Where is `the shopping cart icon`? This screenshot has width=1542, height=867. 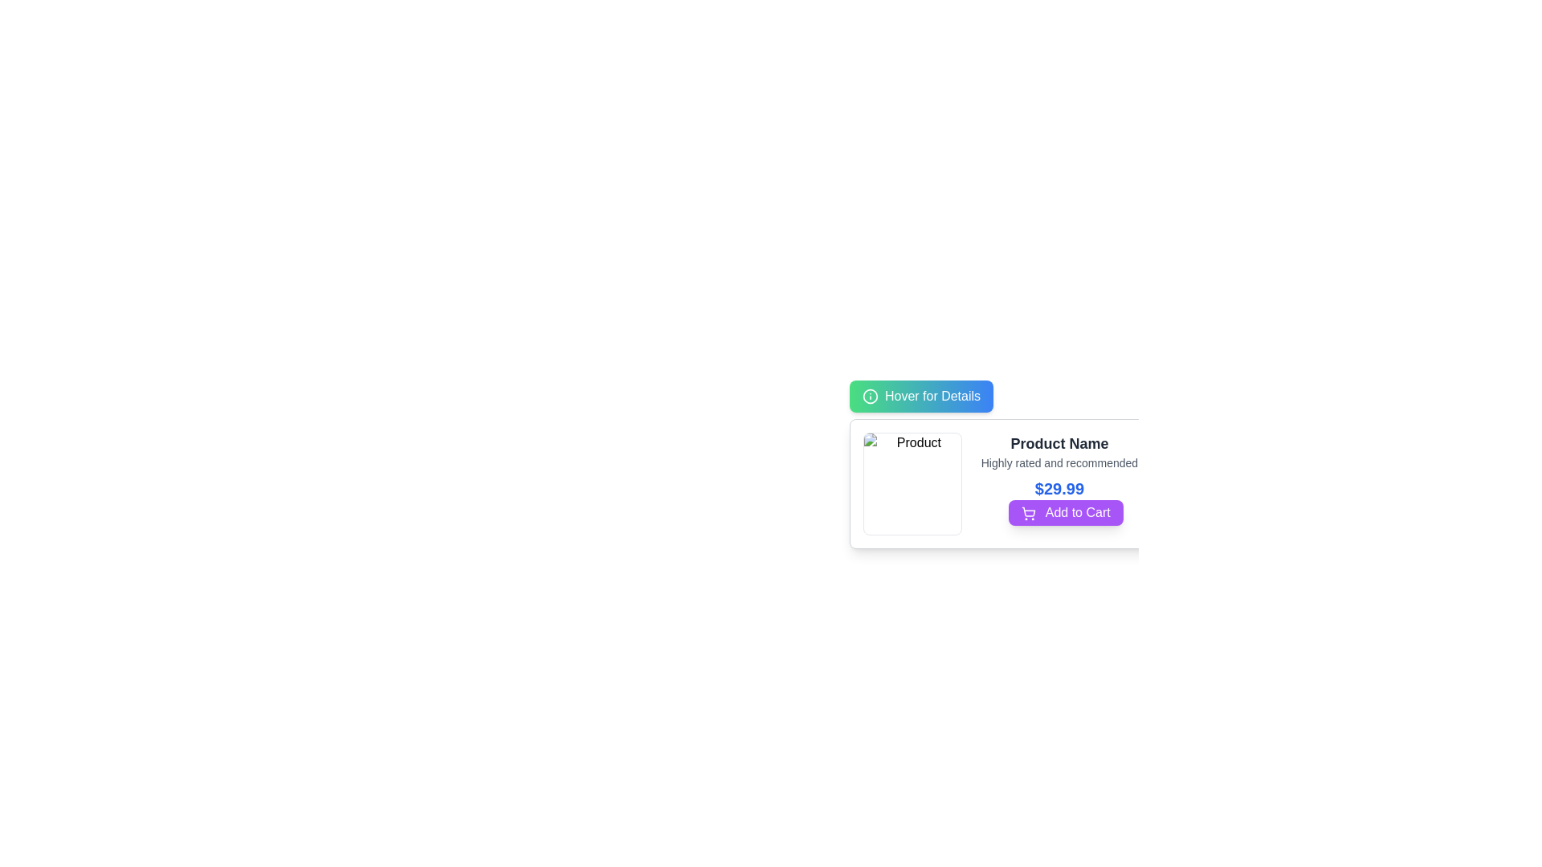 the shopping cart icon is located at coordinates (1029, 513).